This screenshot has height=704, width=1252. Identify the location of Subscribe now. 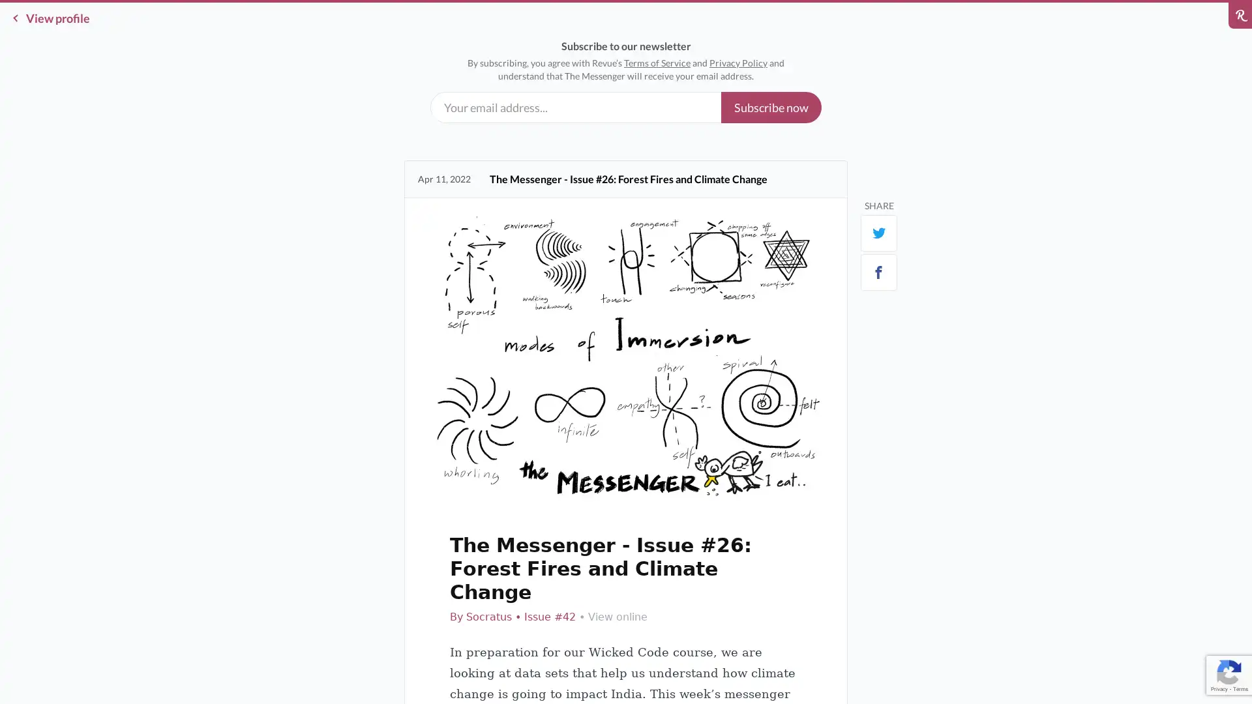
(771, 107).